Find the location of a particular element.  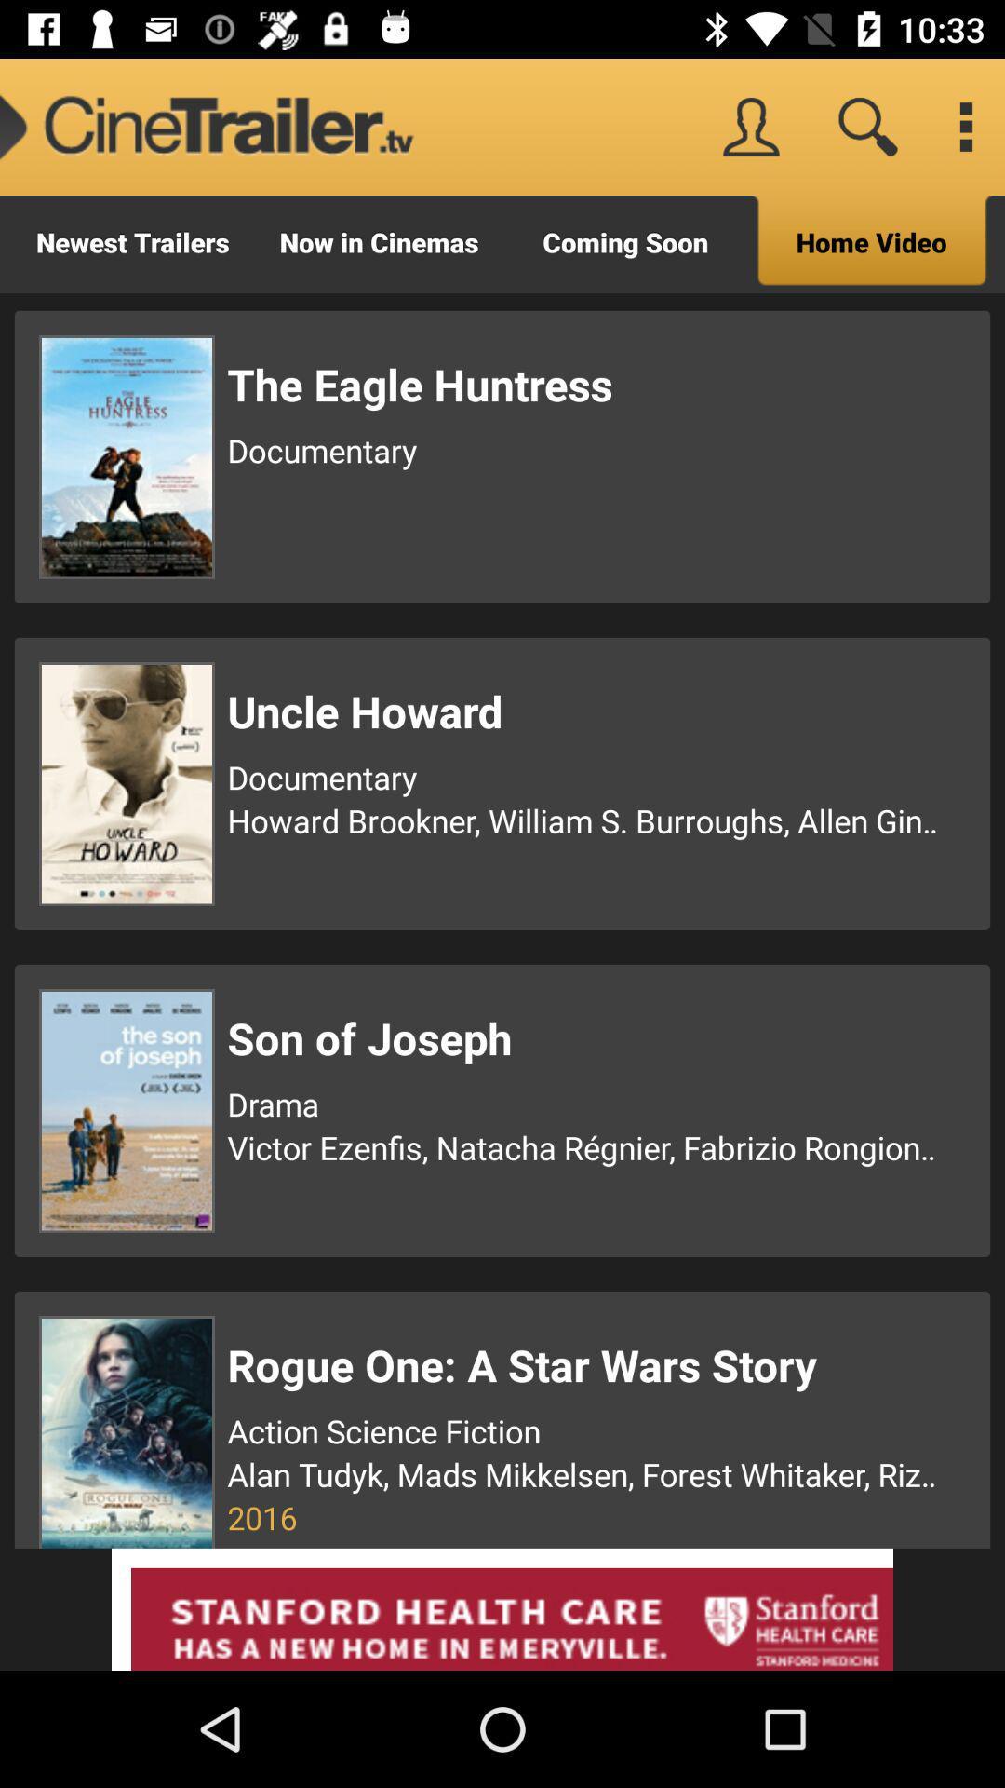

the item to the right of the coming soon item is located at coordinates (872, 243).